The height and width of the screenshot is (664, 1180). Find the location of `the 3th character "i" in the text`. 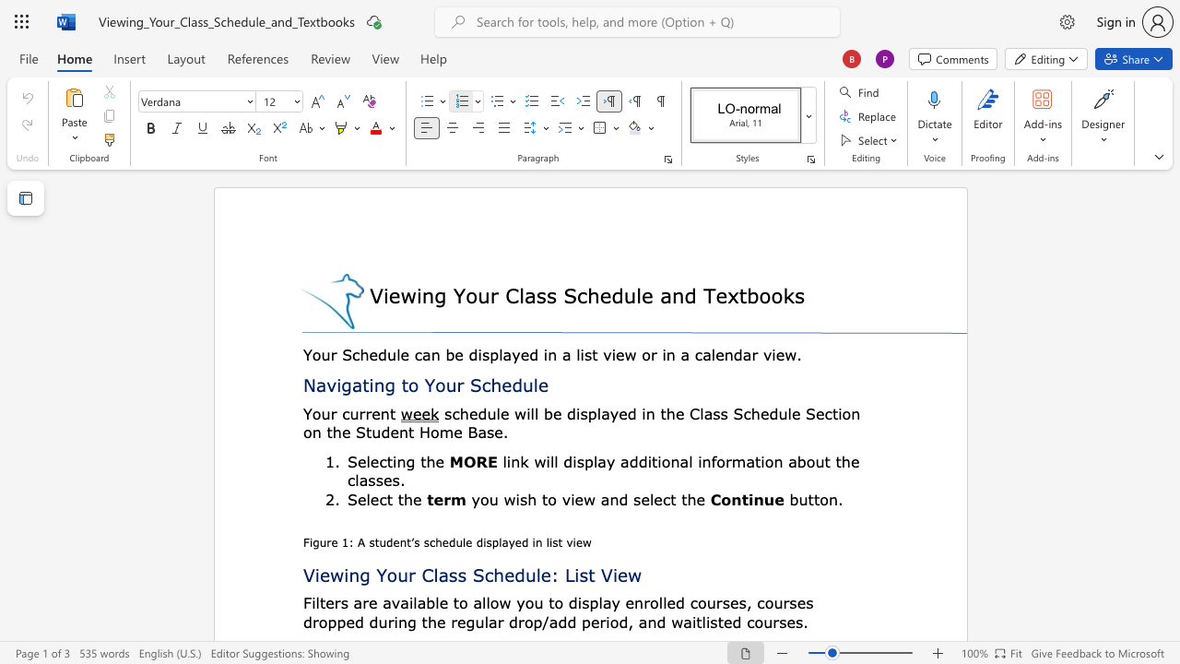

the 3th character "i" in the text is located at coordinates (533, 541).